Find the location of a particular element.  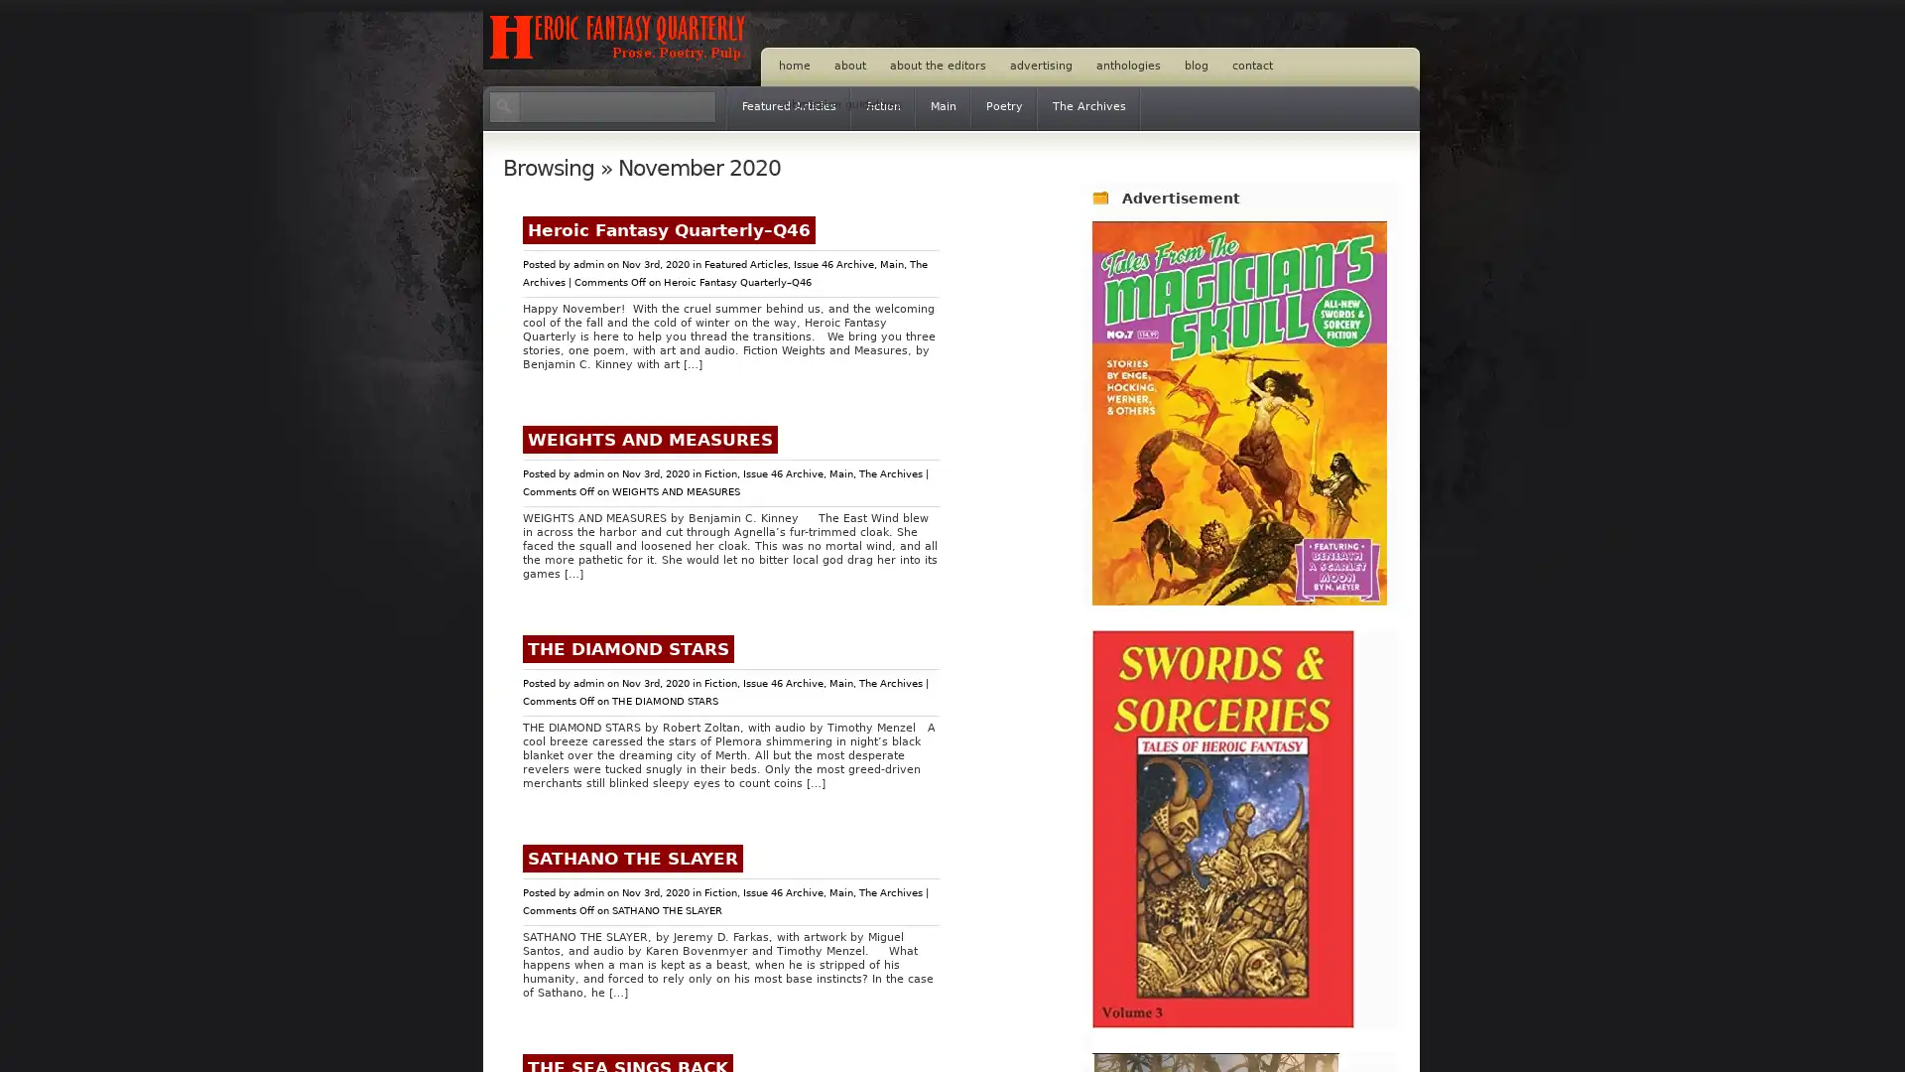

Search is located at coordinates (504, 107).